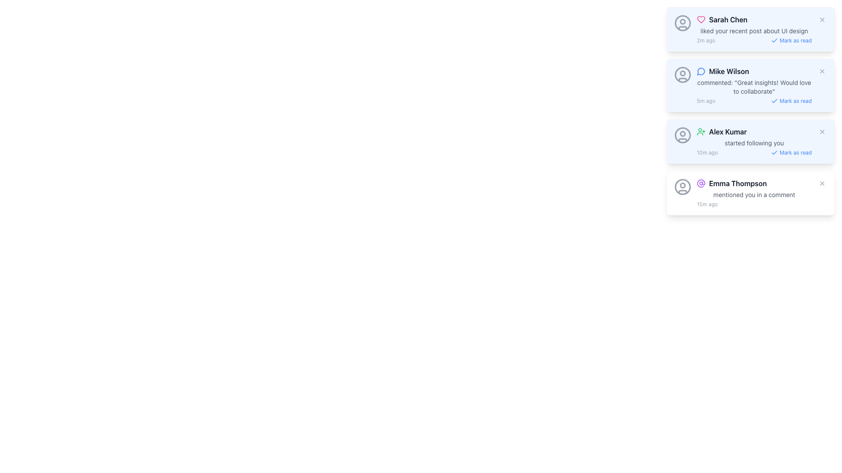  I want to click on the Close button located in the top-right corner of the notification card for 'Alex Kumar', which is above the text 'started following you', so click(822, 131).